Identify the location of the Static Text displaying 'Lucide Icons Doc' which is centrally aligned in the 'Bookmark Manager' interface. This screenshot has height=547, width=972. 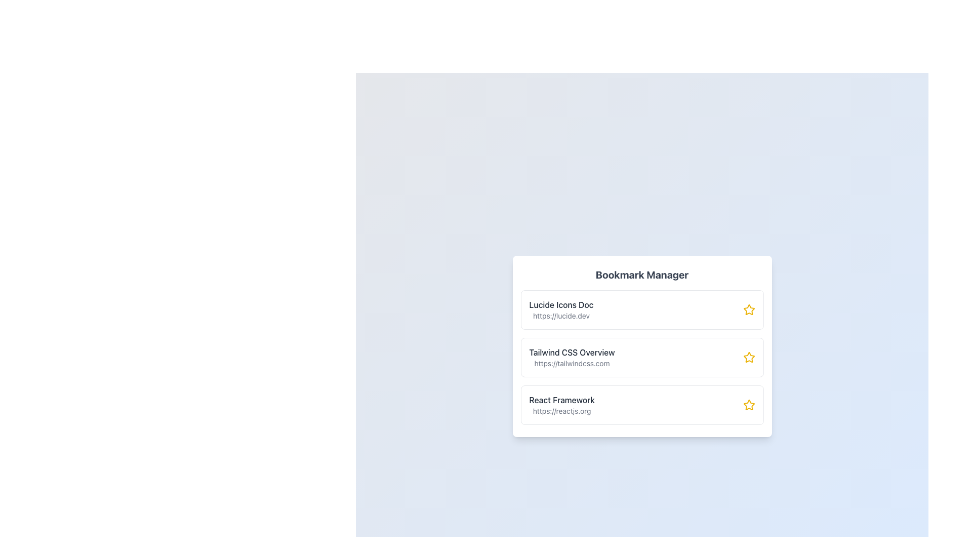
(560, 304).